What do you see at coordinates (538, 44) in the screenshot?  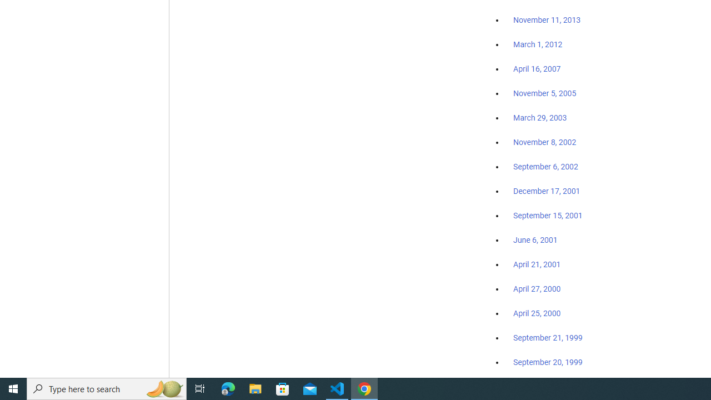 I see `'March 1, 2012'` at bounding box center [538, 44].